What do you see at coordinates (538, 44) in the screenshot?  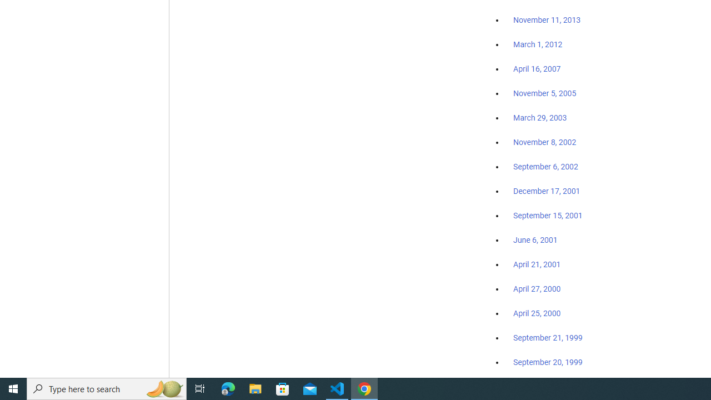 I see `'March 1, 2012'` at bounding box center [538, 44].